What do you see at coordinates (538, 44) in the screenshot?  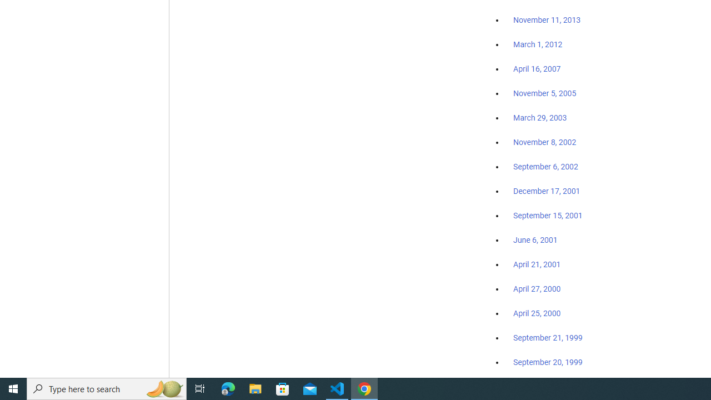 I see `'March 1, 2012'` at bounding box center [538, 44].